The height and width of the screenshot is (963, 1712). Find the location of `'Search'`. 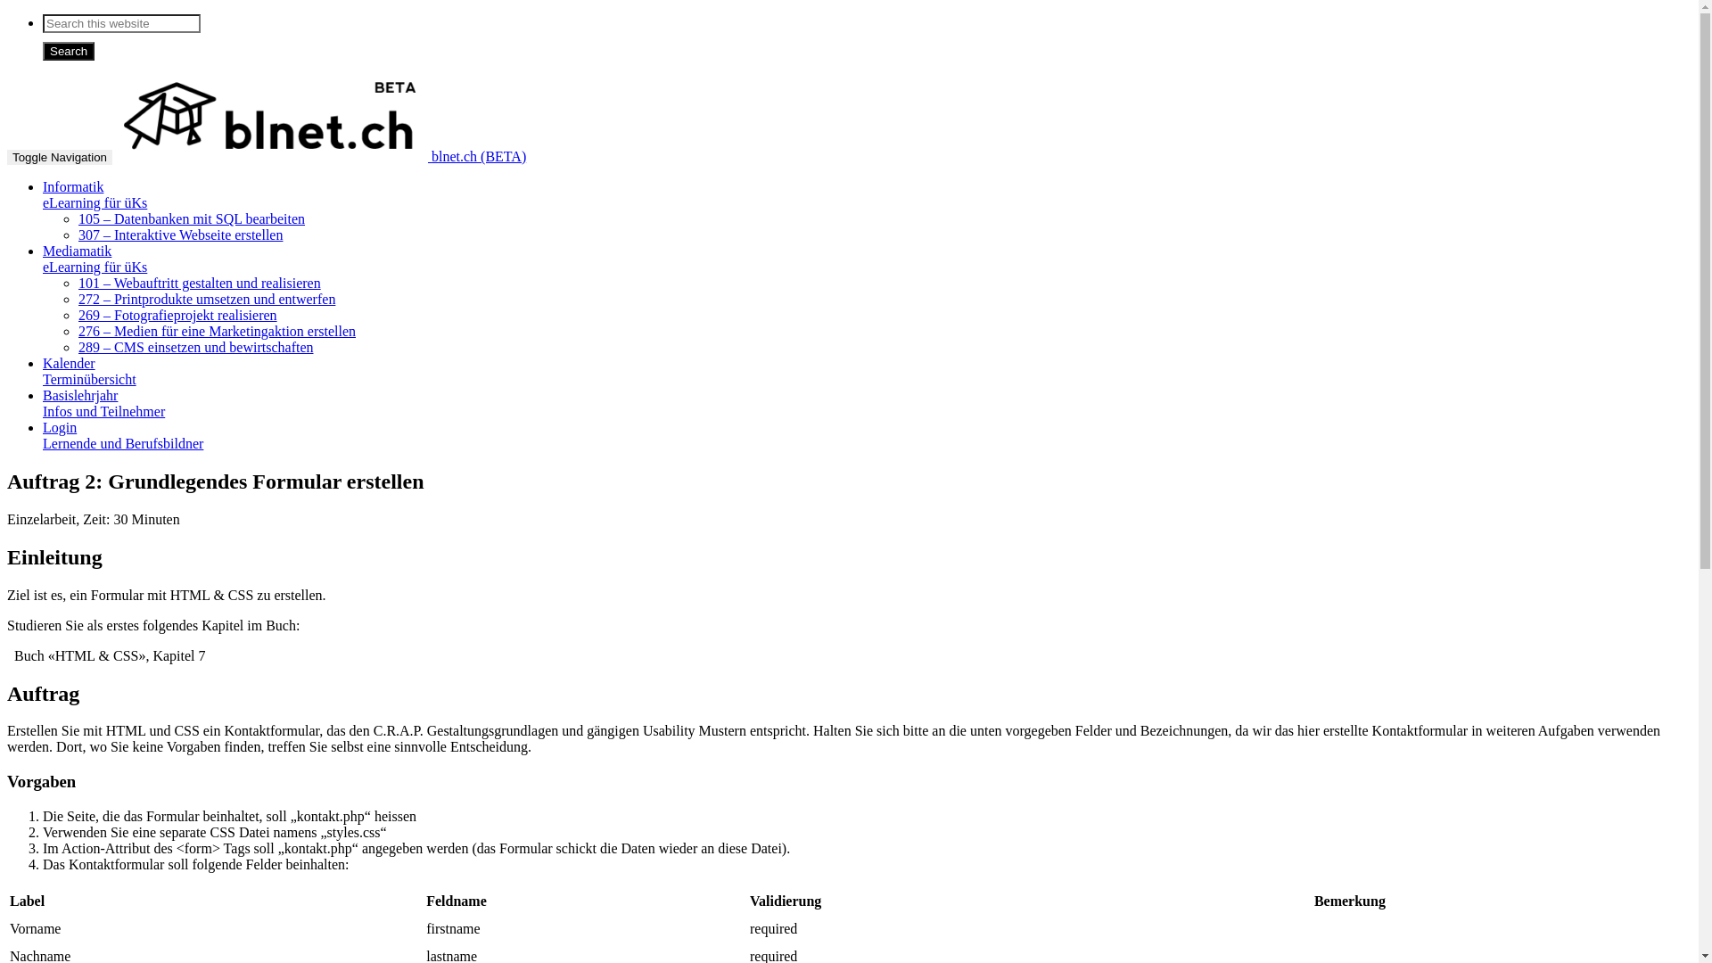

'Search' is located at coordinates (68, 50).